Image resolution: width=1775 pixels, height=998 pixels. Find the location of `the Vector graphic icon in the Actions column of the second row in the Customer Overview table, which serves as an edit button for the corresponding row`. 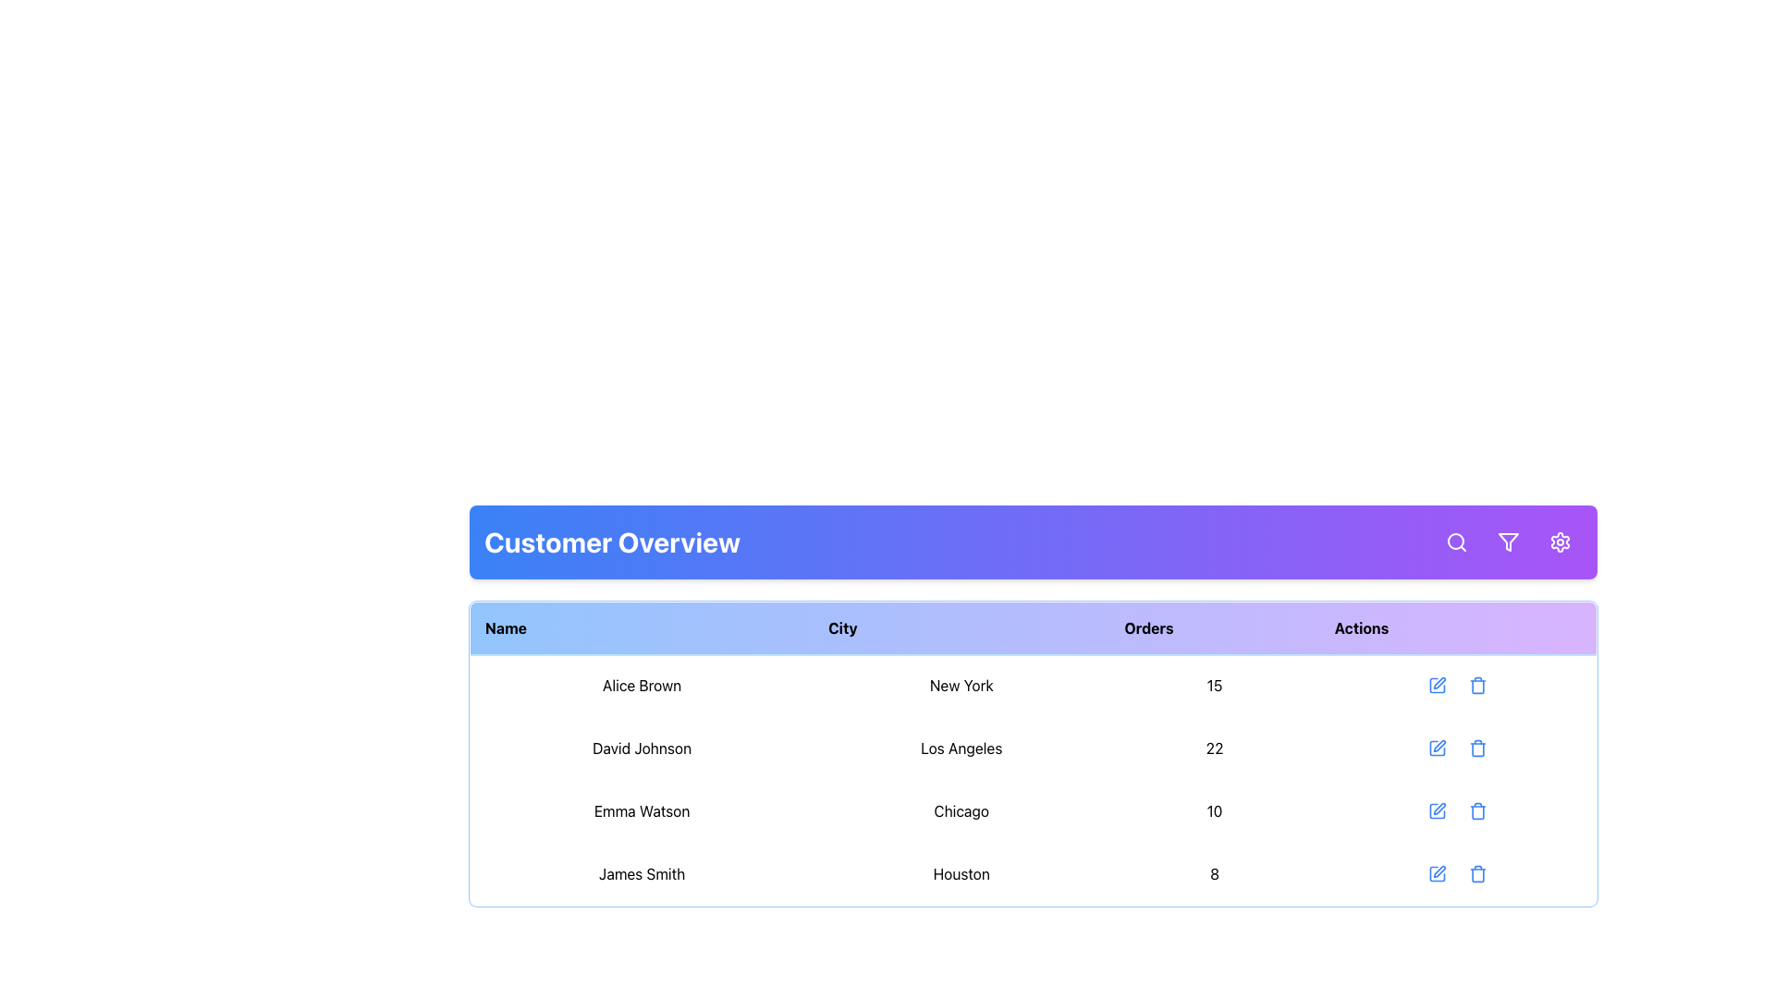

the Vector graphic icon in the Actions column of the second row in the Customer Overview table, which serves as an edit button for the corresponding row is located at coordinates (1437, 748).